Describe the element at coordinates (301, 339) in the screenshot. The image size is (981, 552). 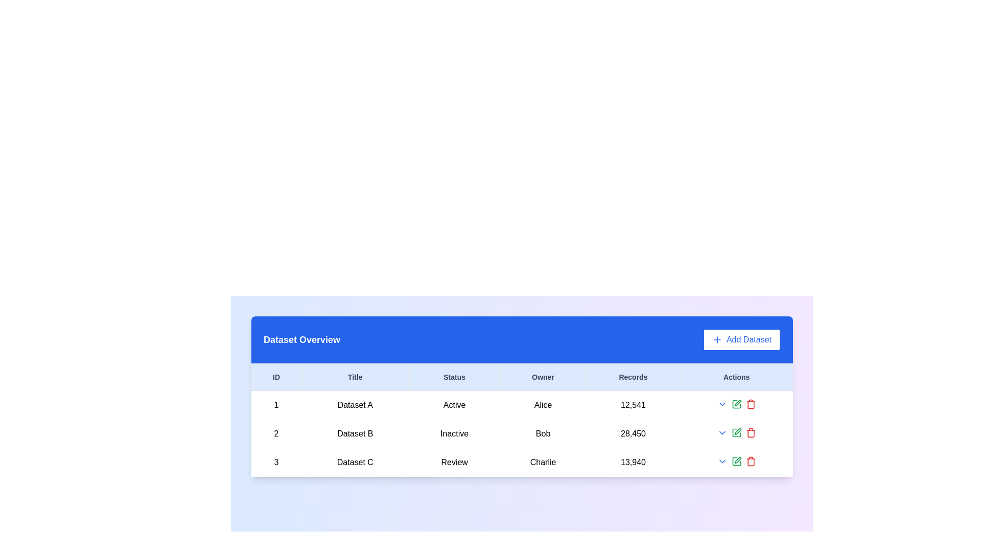
I see `the section title label that introduces the content related to datasets in the dataset management panel, located at the top-left corner of the header section` at that location.